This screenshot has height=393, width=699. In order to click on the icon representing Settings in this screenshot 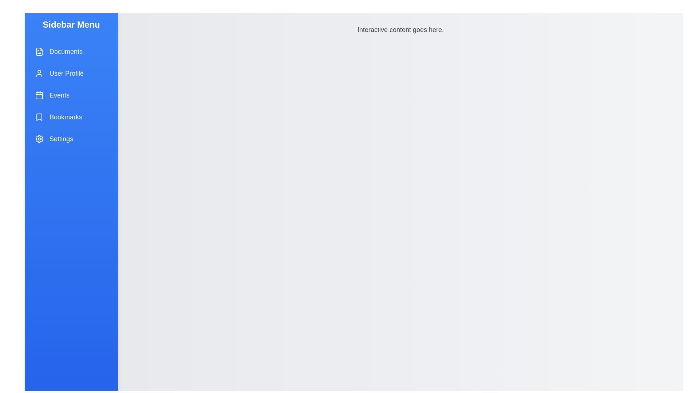, I will do `click(39, 139)`.